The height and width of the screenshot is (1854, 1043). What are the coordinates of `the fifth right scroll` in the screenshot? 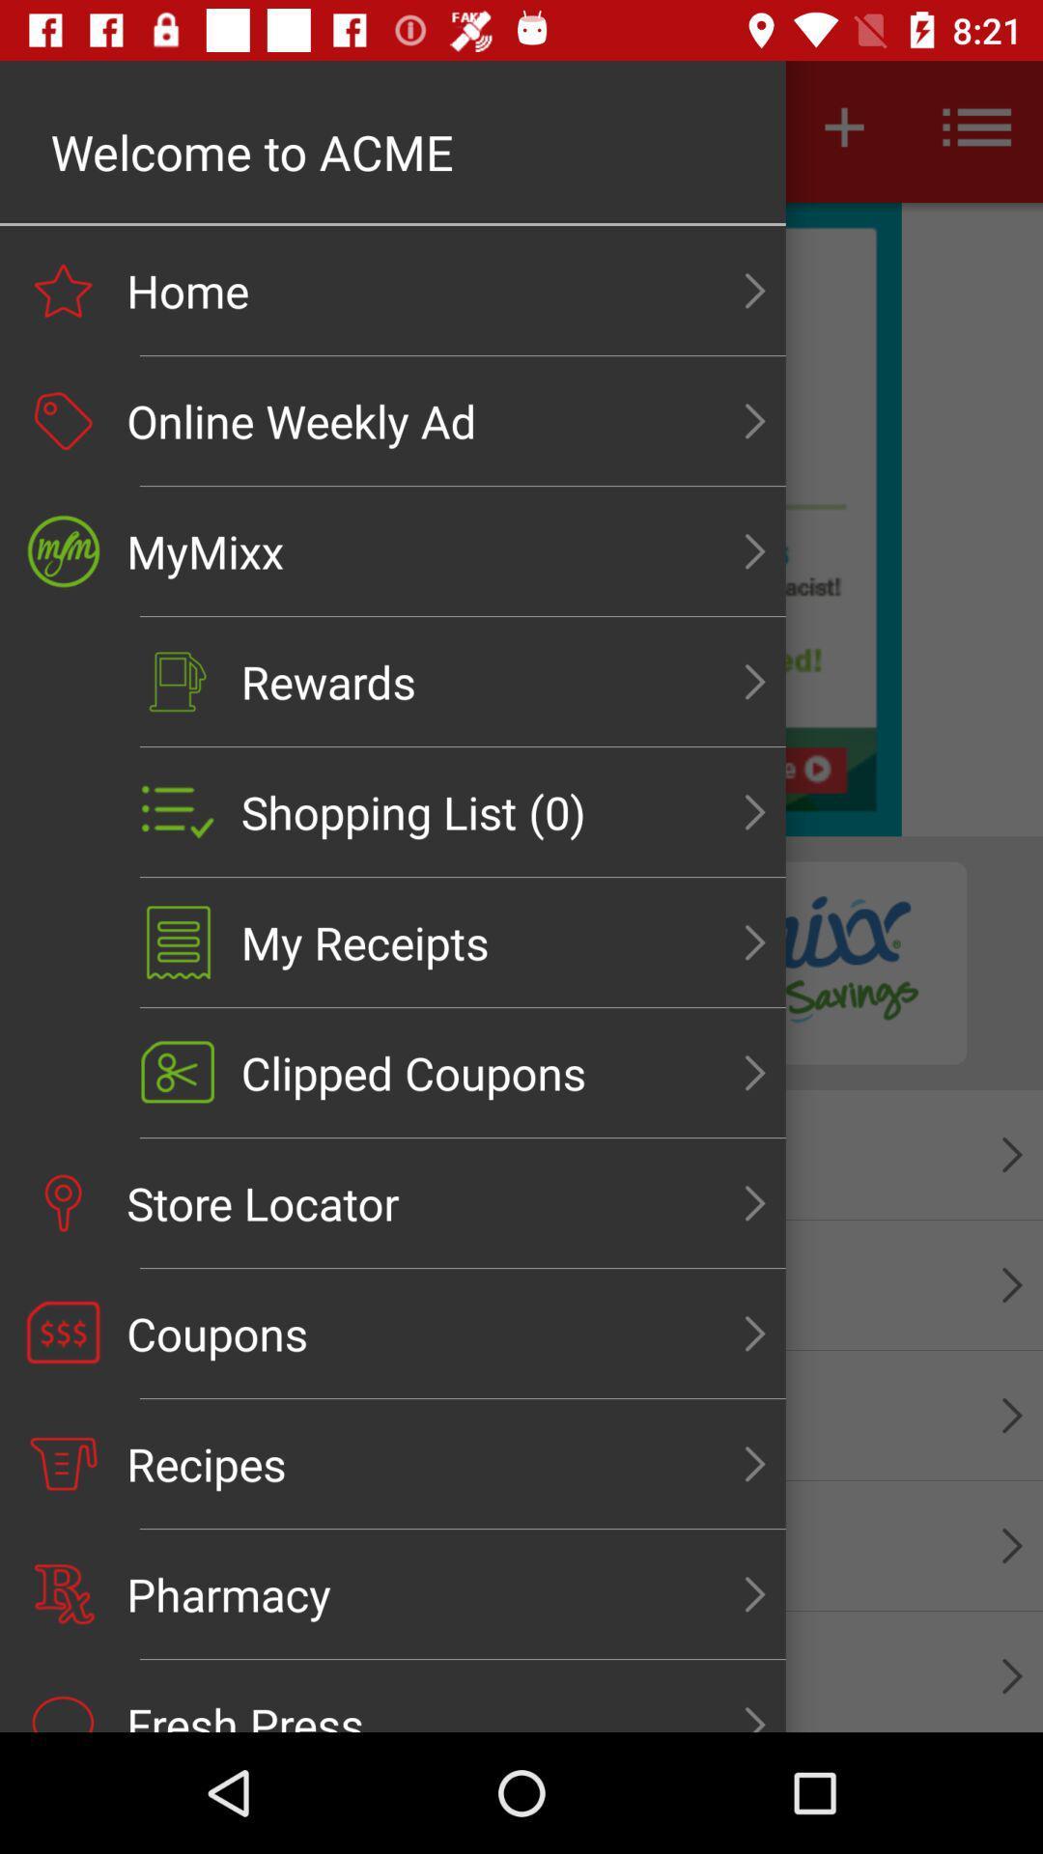 It's located at (754, 812).